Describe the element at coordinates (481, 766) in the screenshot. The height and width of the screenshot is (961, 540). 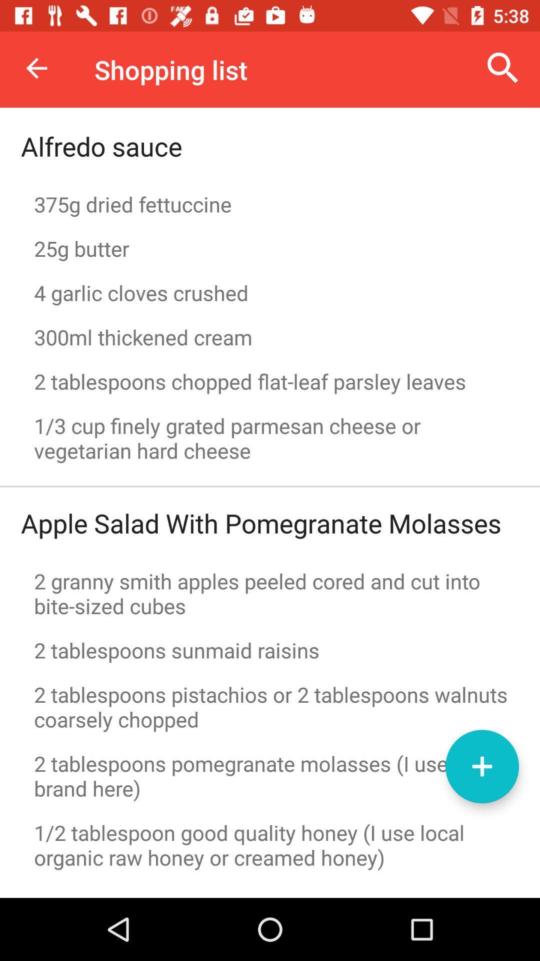
I see `something` at that location.